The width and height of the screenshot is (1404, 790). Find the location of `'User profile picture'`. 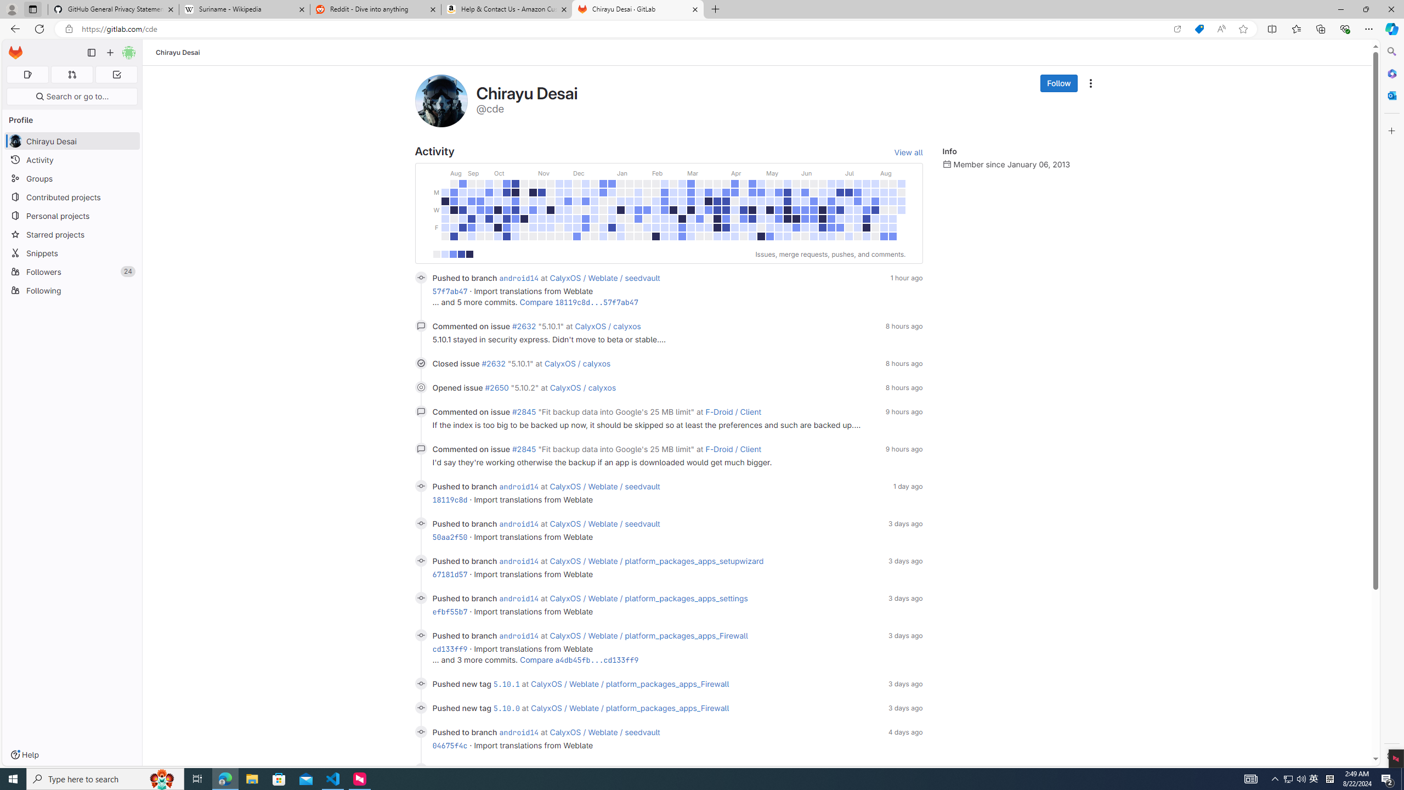

'User profile picture' is located at coordinates (440, 100).